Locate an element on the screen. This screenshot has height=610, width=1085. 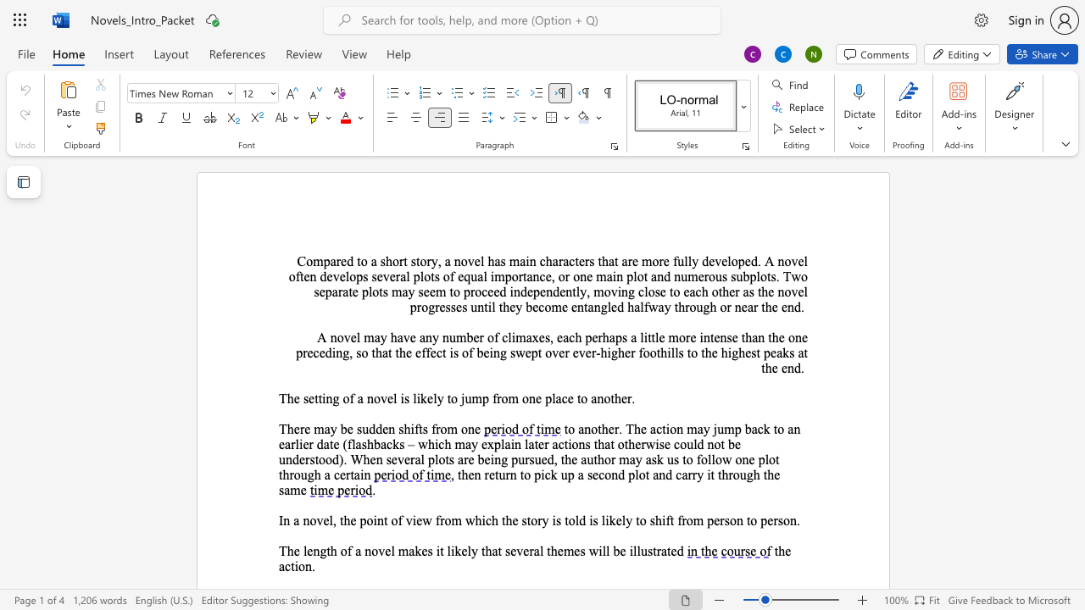
the 10th character "e" in the text is located at coordinates (459, 307).